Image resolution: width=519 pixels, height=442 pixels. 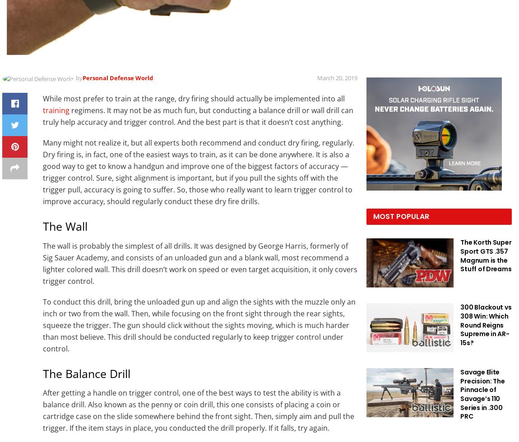 What do you see at coordinates (56, 109) in the screenshot?
I see `'training'` at bounding box center [56, 109].